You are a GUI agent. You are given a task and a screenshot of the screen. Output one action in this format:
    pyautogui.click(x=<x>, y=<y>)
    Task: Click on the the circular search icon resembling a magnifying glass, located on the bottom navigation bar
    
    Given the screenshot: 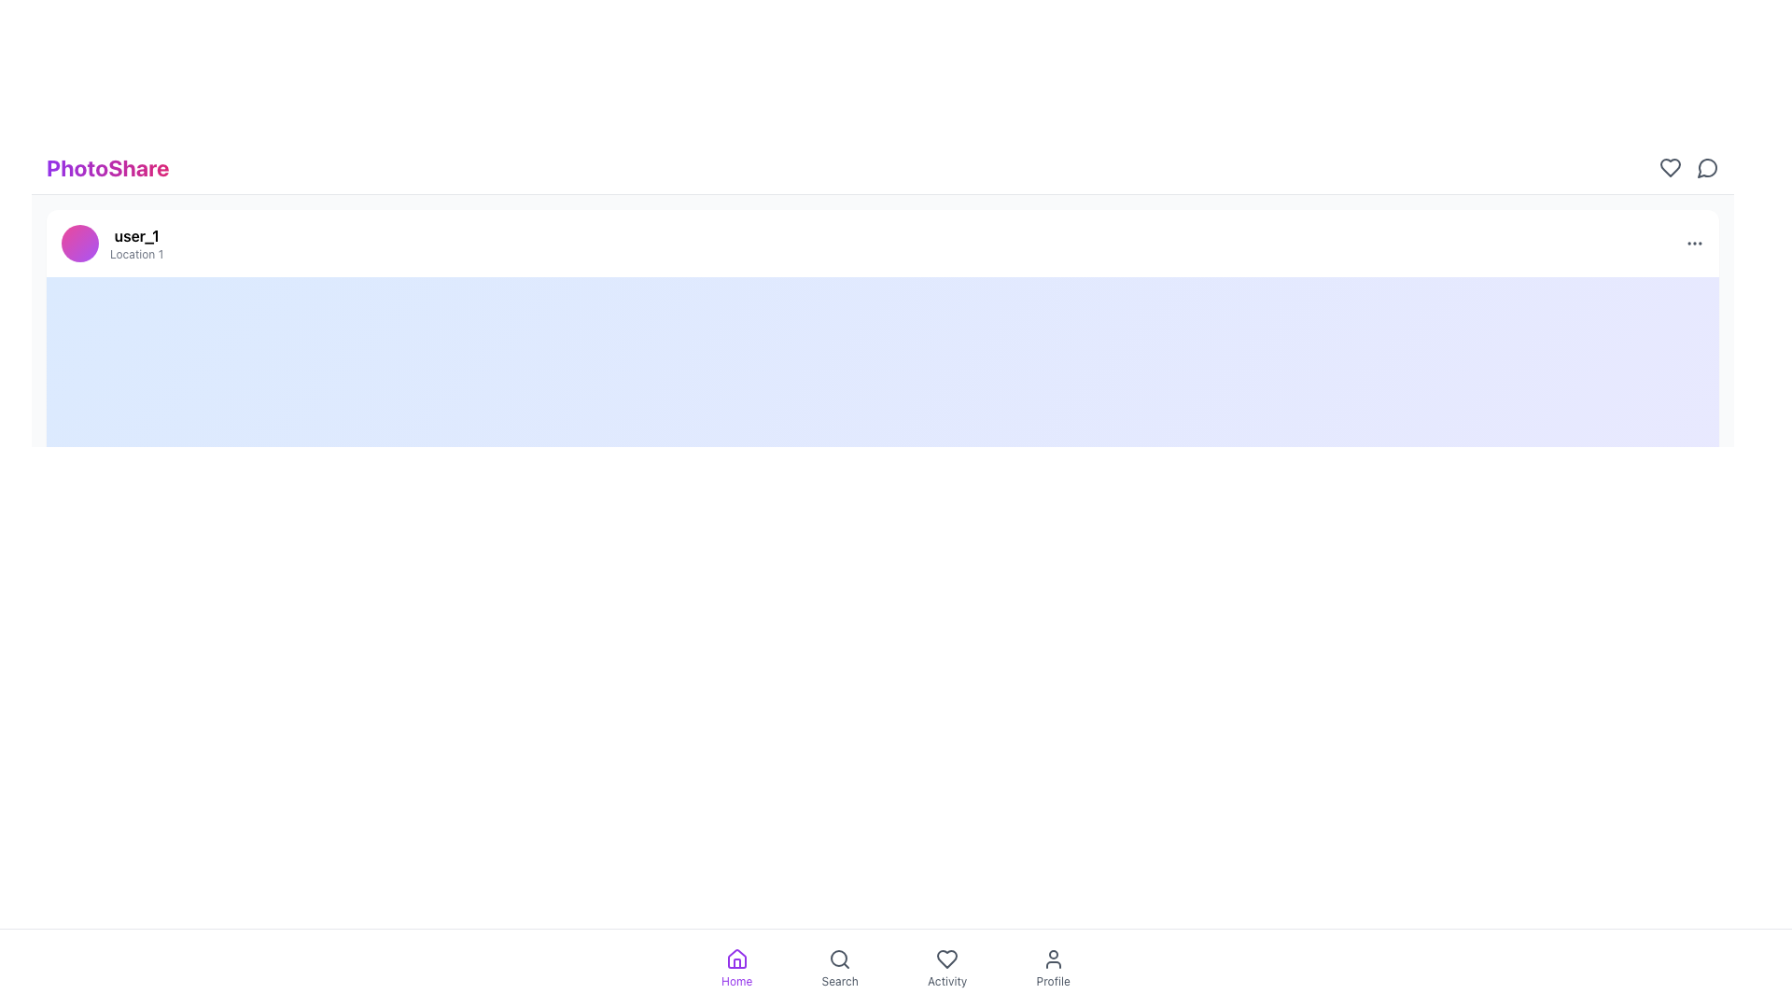 What is the action you would take?
    pyautogui.click(x=839, y=959)
    